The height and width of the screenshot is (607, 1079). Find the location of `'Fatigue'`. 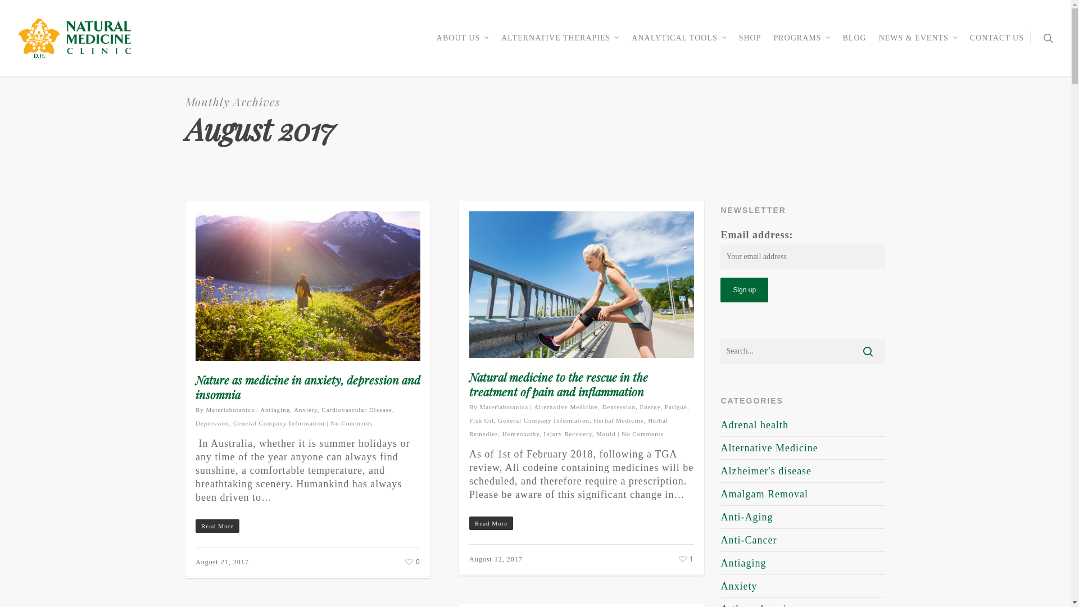

'Fatigue' is located at coordinates (675, 407).